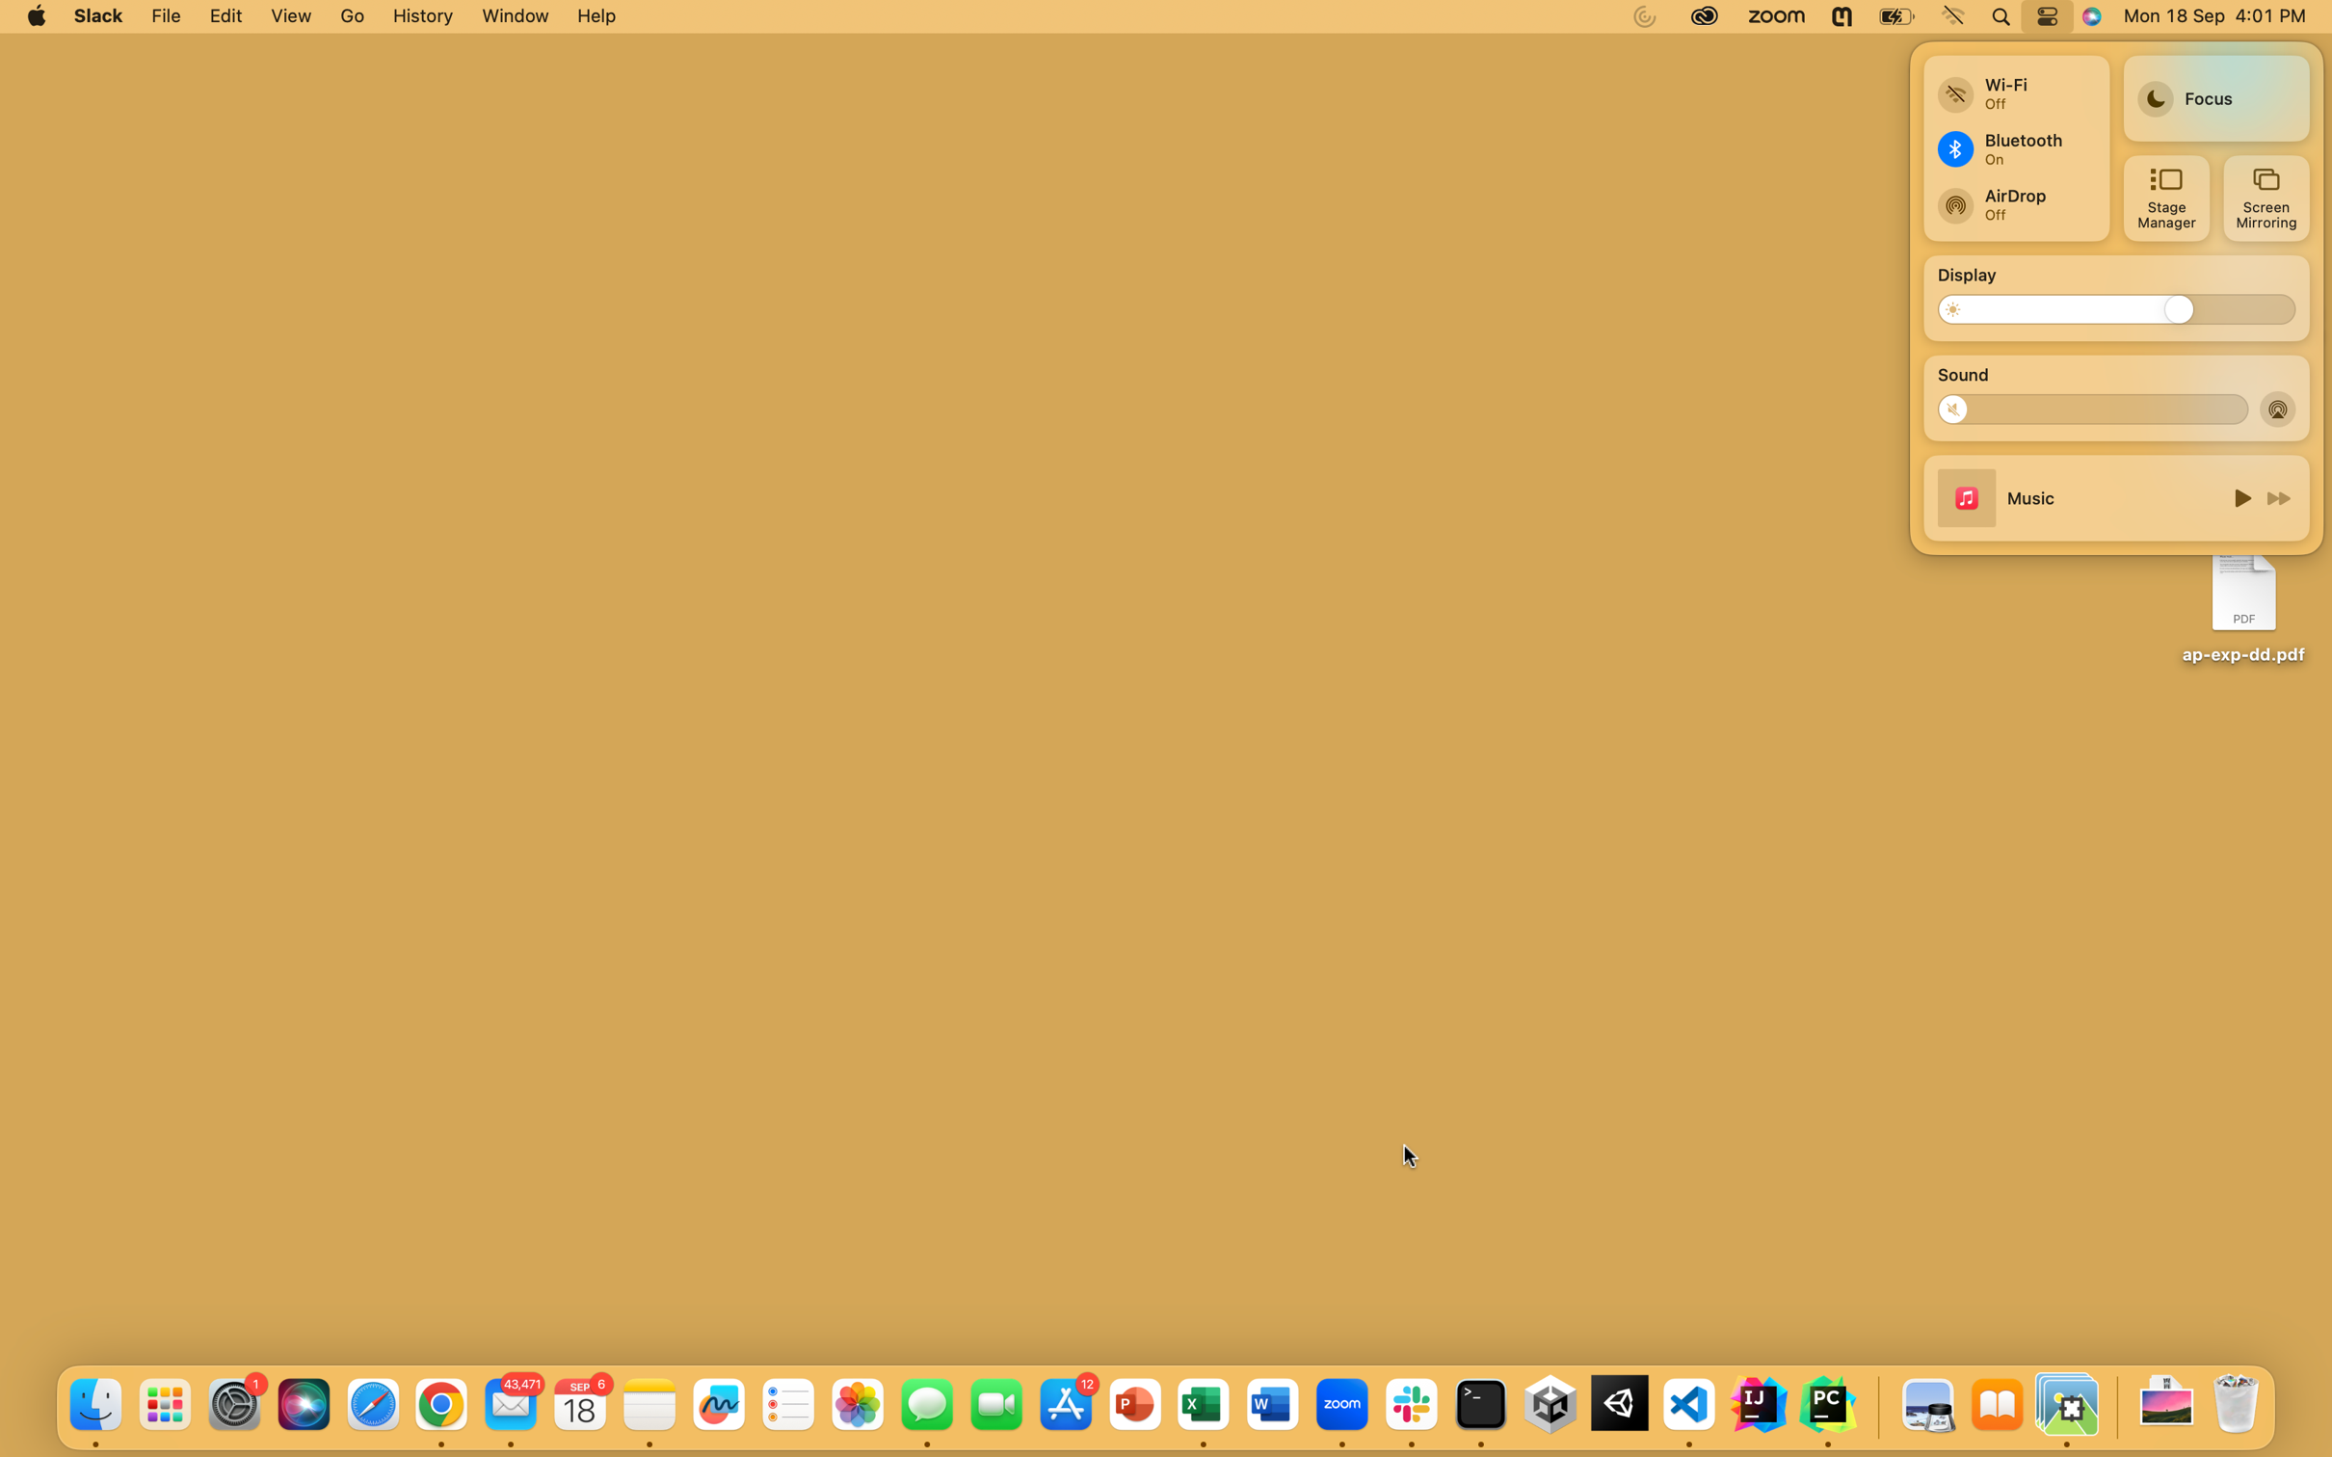 Image resolution: width=2332 pixels, height=1457 pixels. What do you see at coordinates (2014, 86) in the screenshot?
I see `Toggle the wifi and bluetooth options` at bounding box center [2014, 86].